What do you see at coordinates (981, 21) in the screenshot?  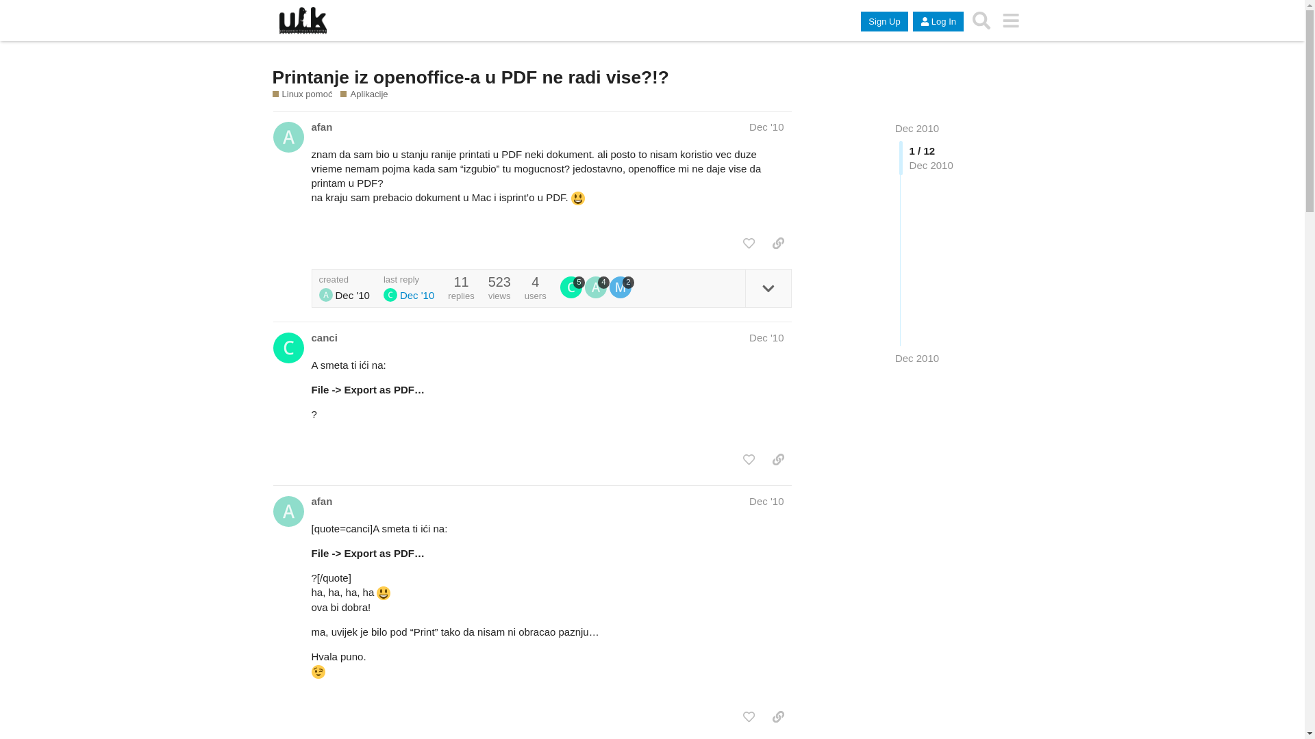 I see `'Search'` at bounding box center [981, 21].